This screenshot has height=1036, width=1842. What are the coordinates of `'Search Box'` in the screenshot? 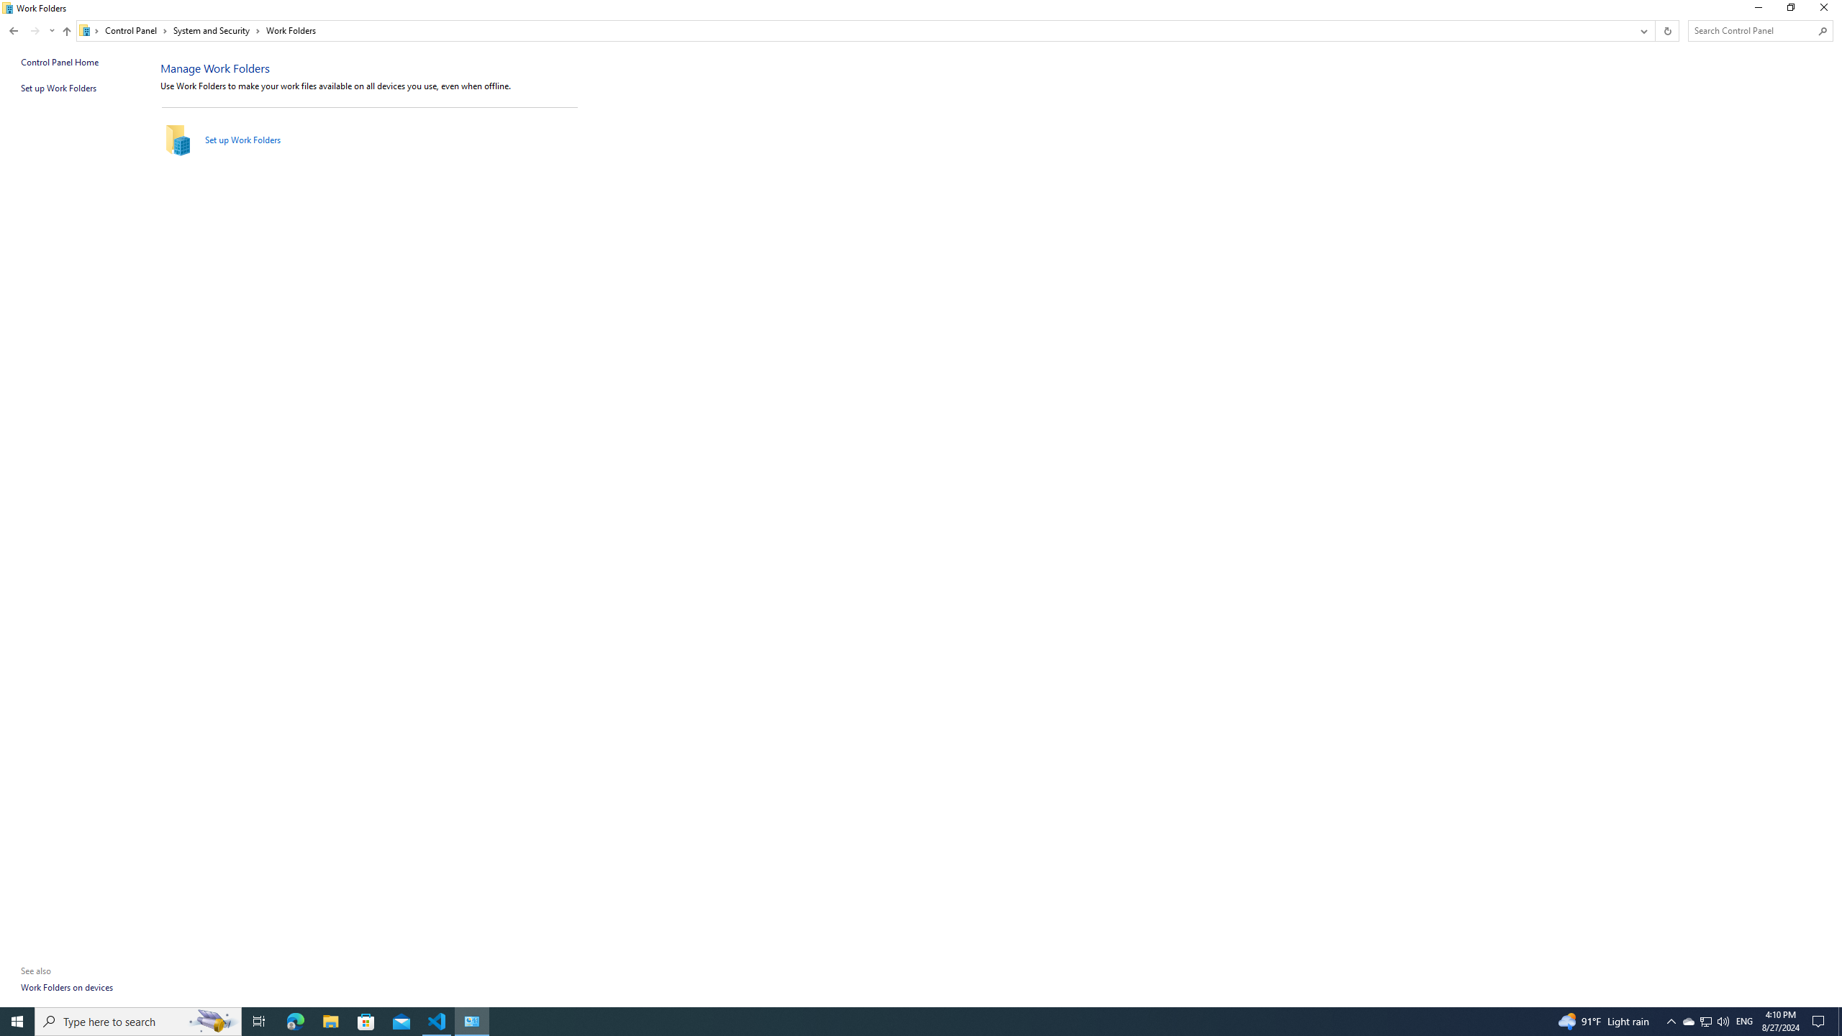 It's located at (1753, 30).